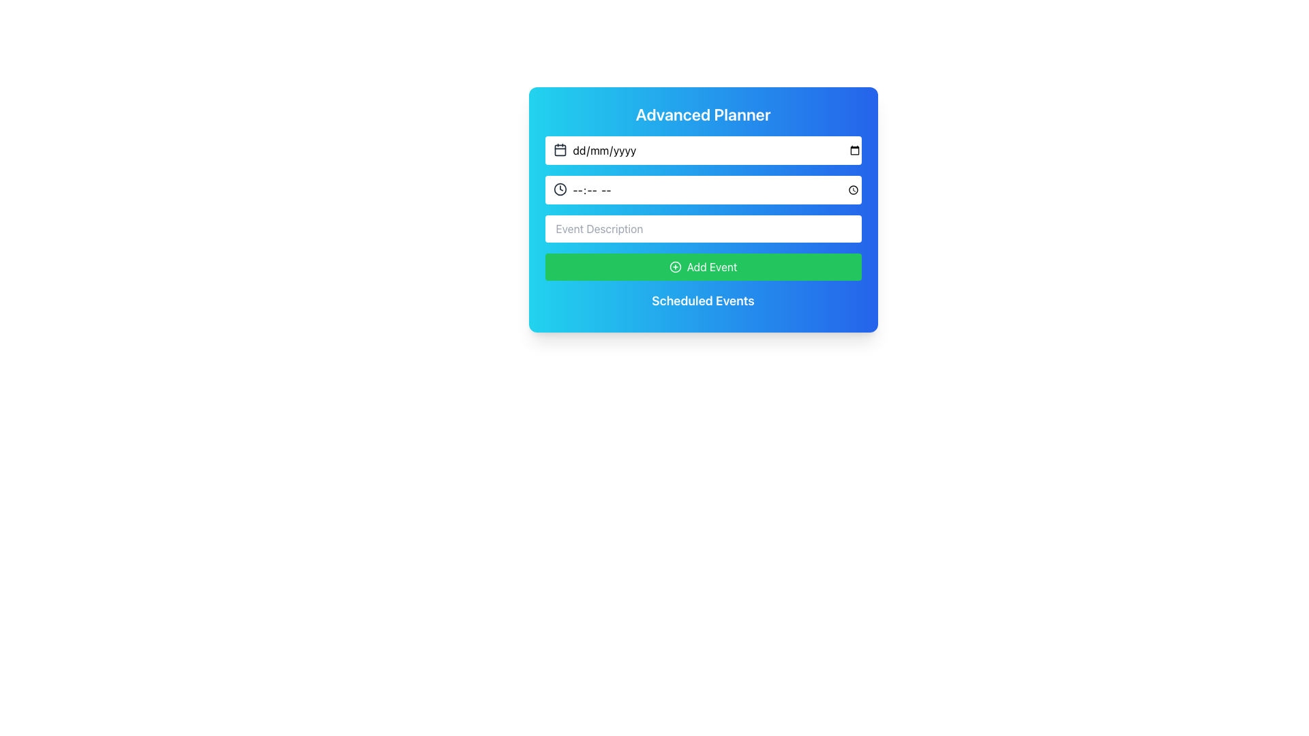 The height and width of the screenshot is (736, 1309). Describe the element at coordinates (703, 301) in the screenshot. I see `the 'Scheduled Events' header text element, which is styled in bold and white against a blue gradient background, located below the 'Add Event' button` at that location.